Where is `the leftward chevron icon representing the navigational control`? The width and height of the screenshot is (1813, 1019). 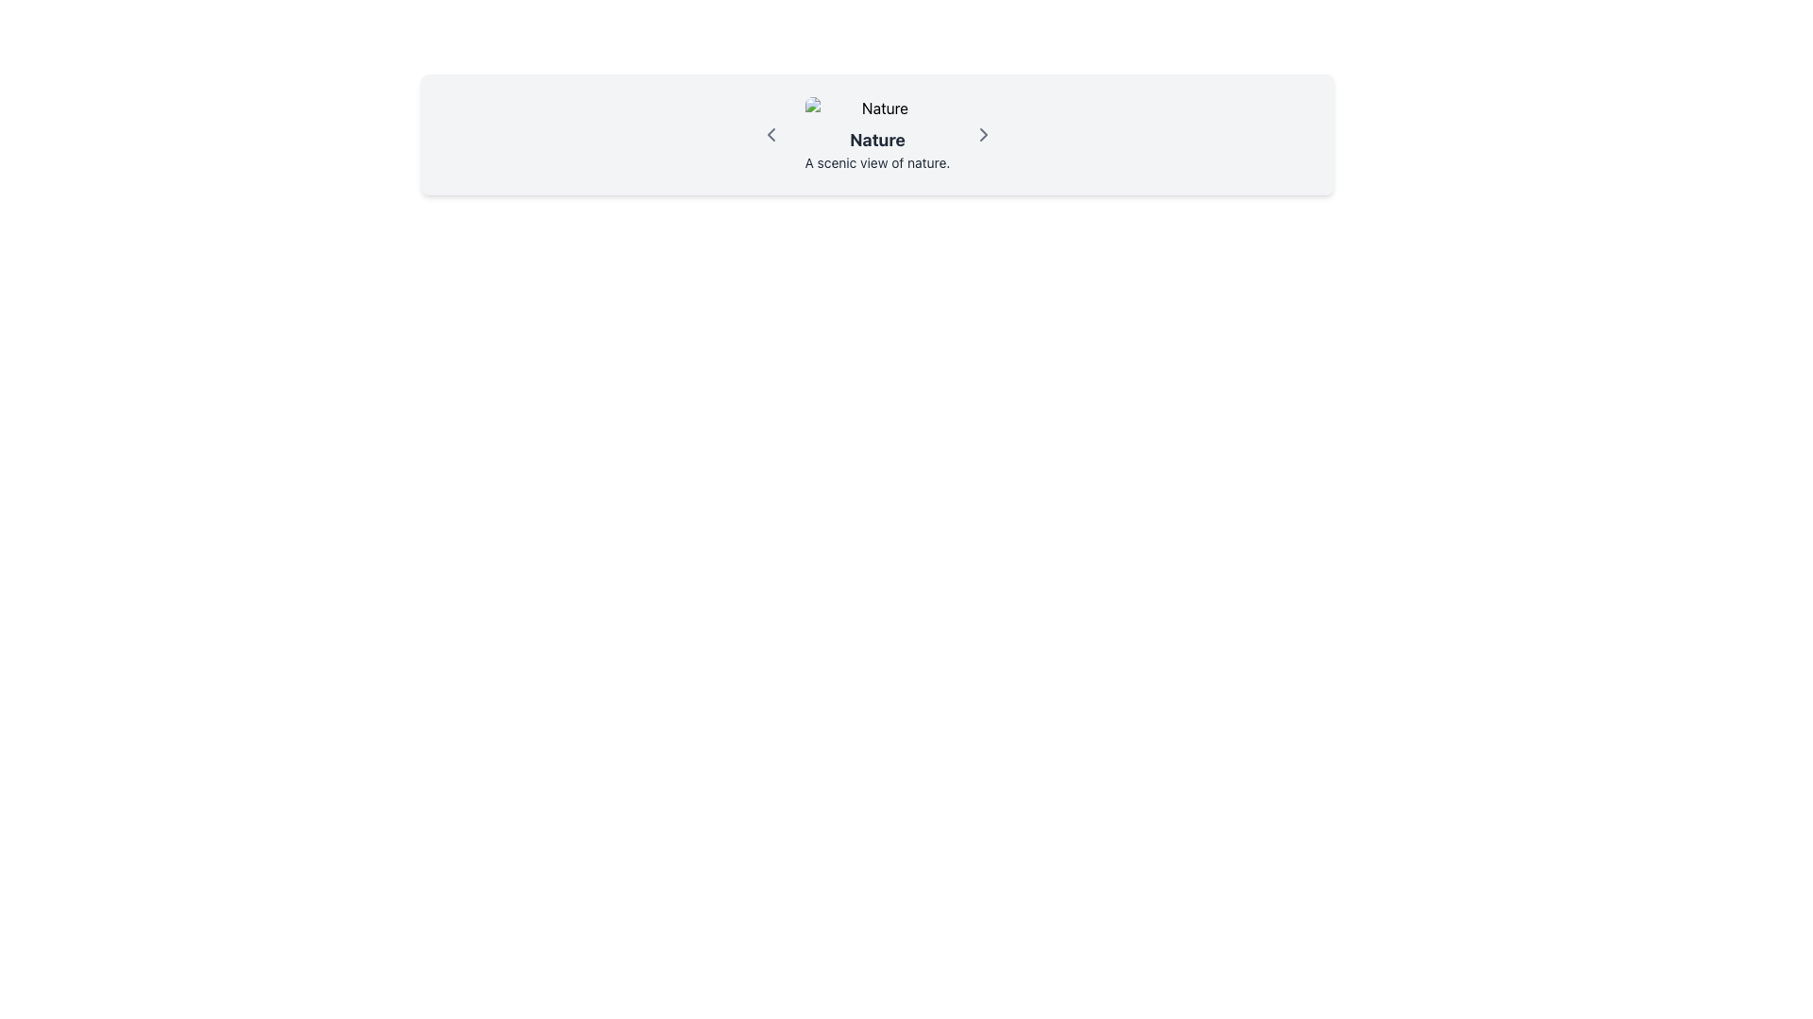
the leftward chevron icon representing the navigational control is located at coordinates (771, 133).